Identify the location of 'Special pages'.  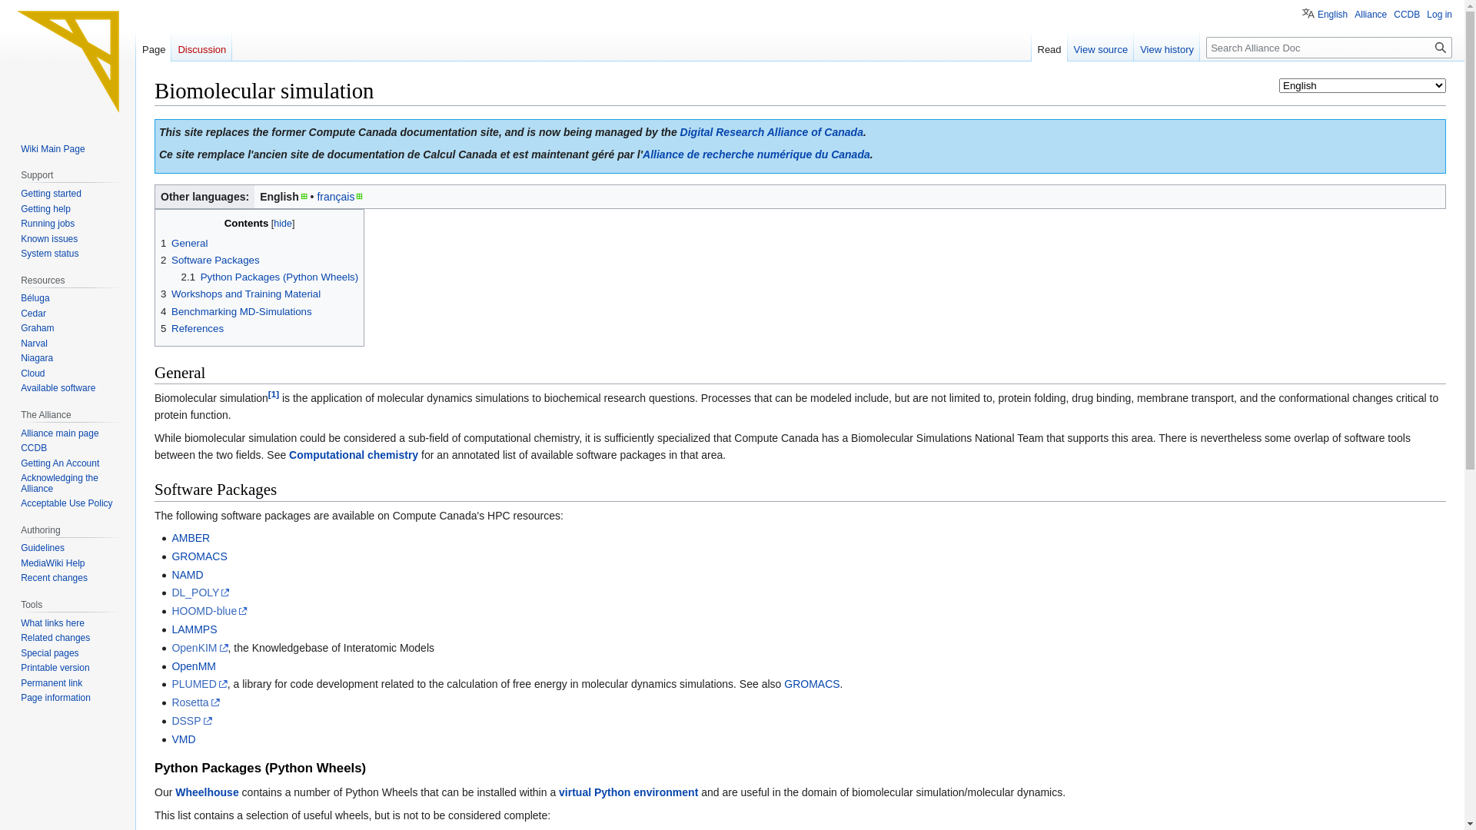
(49, 652).